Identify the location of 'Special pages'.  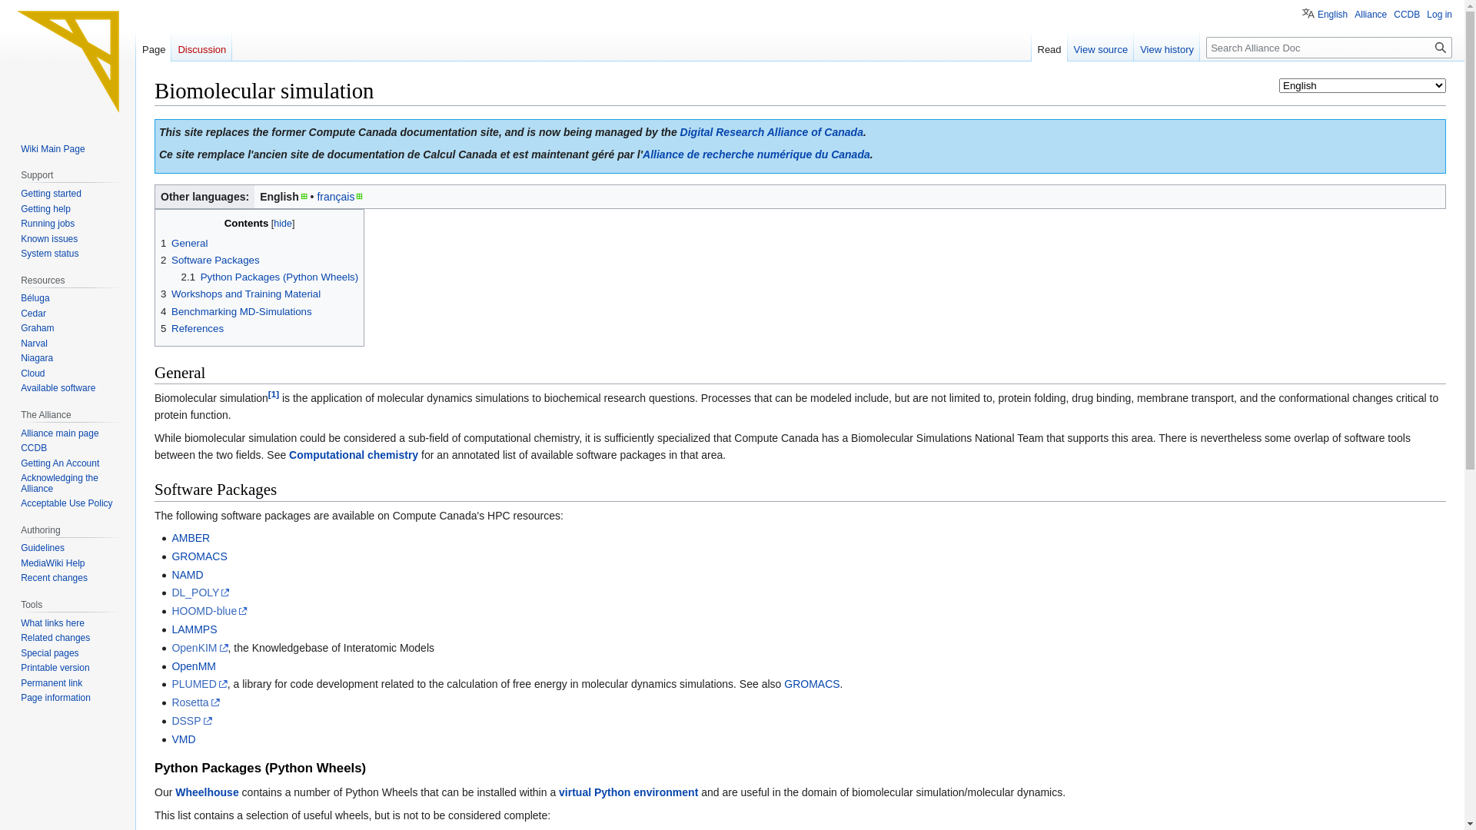
(49, 652).